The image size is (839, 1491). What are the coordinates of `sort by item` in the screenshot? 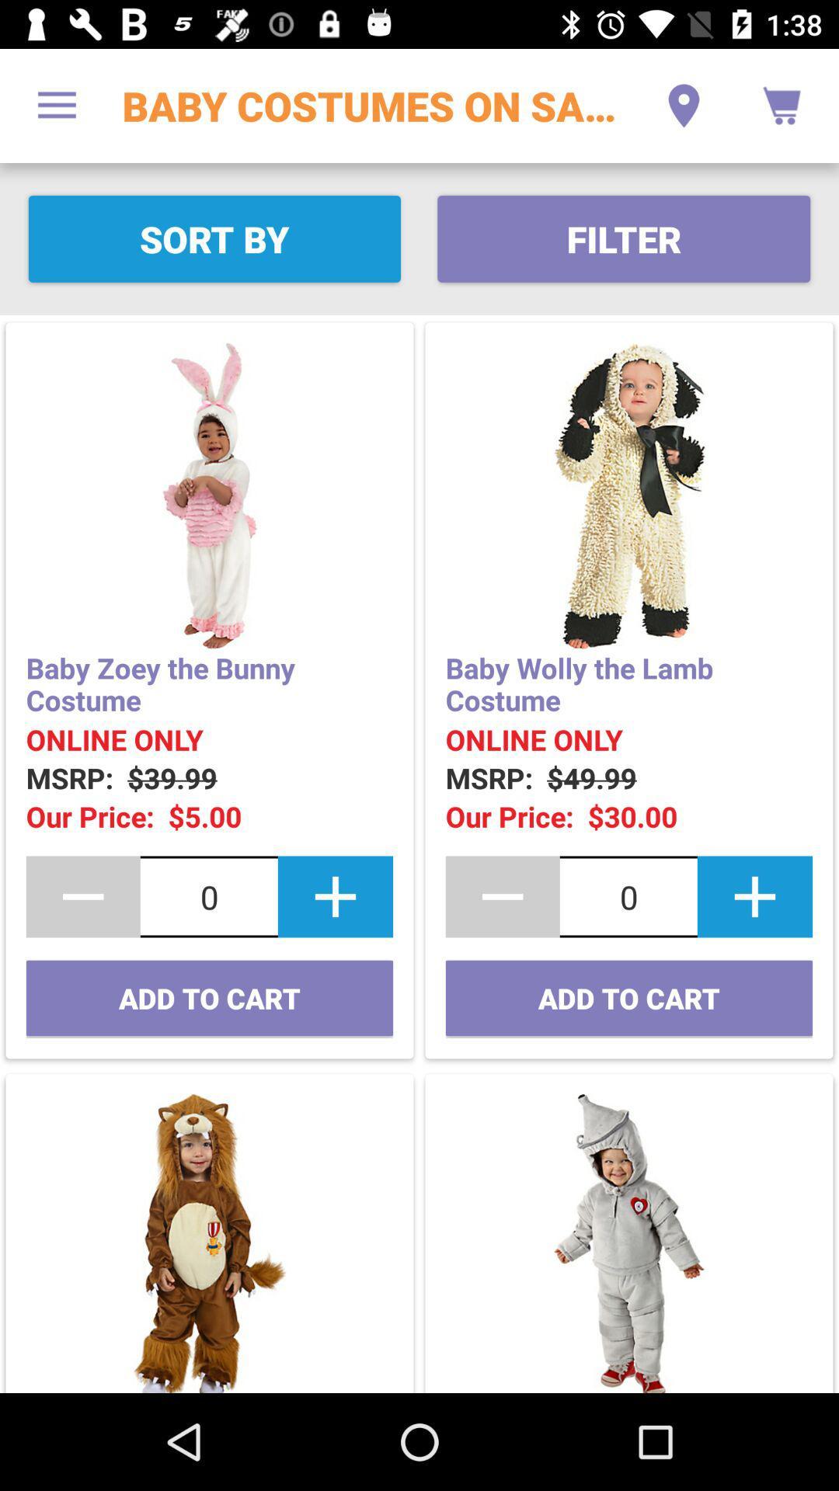 It's located at (214, 238).